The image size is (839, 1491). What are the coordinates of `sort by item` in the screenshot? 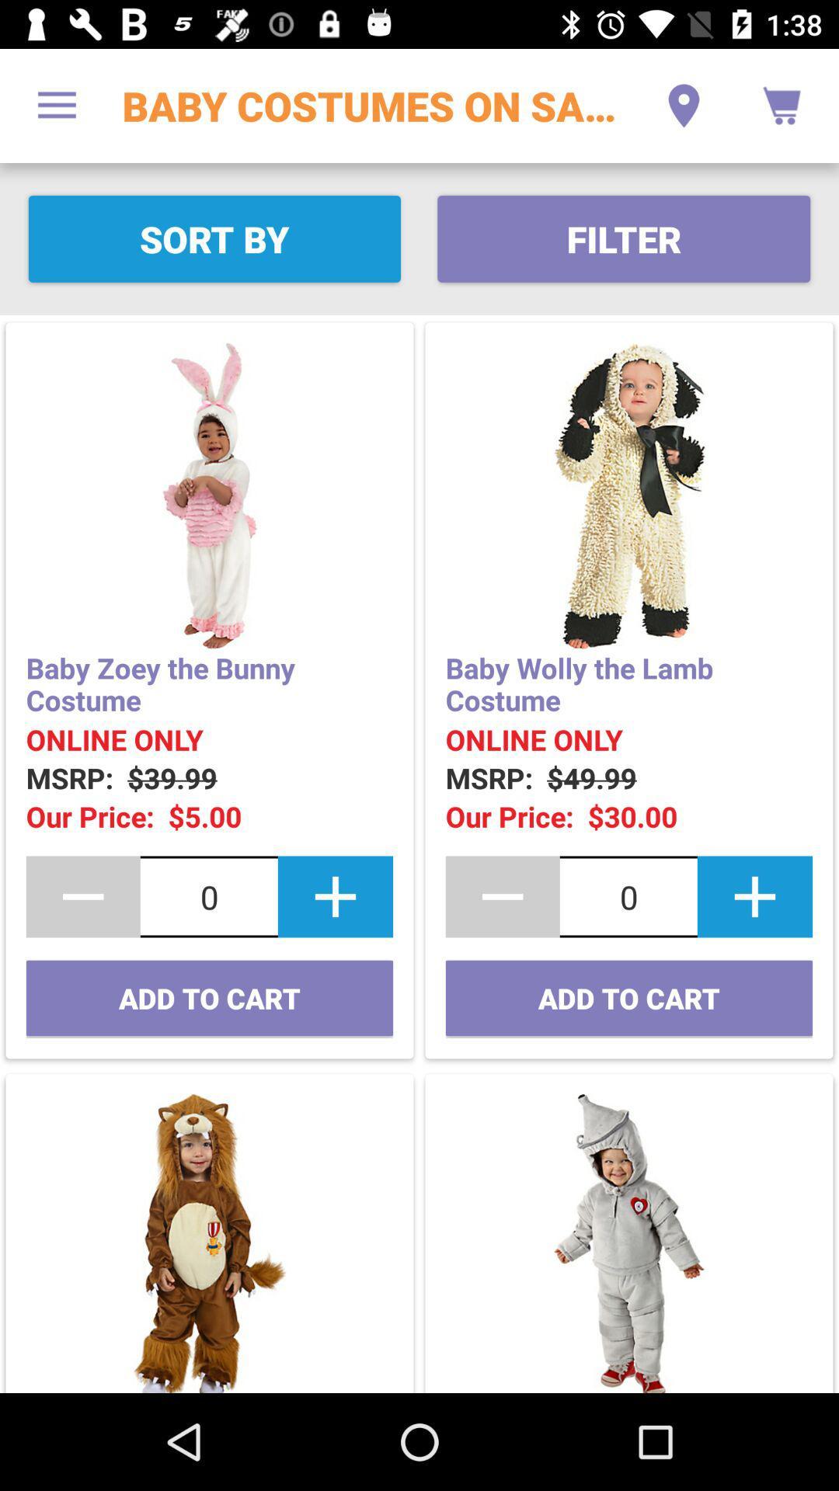 It's located at (214, 238).